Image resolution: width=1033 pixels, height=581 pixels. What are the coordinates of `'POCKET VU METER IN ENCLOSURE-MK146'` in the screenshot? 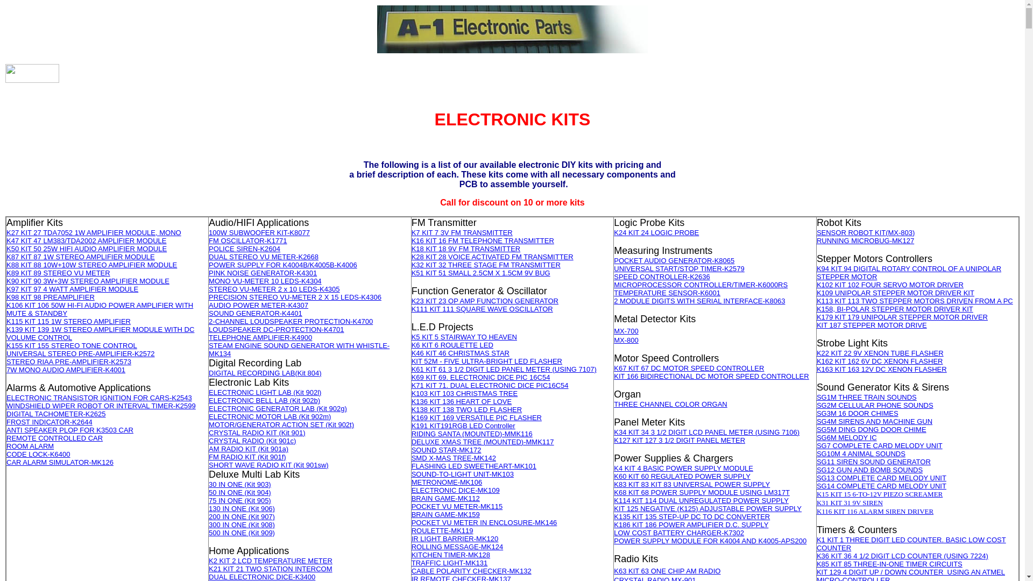 It's located at (484, 522).